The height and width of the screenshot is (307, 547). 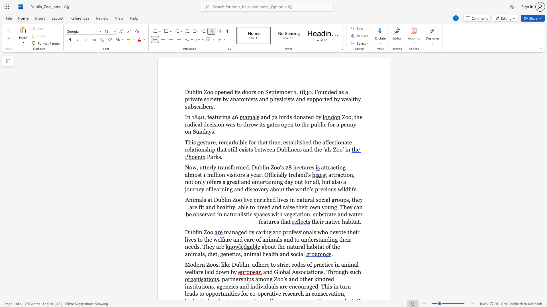 What do you see at coordinates (188, 132) in the screenshot?
I see `the subset text "n Sundays" within the text "Zoo, the radical decision was to throw its gates open to the public for a penny on Sundays."` at bounding box center [188, 132].